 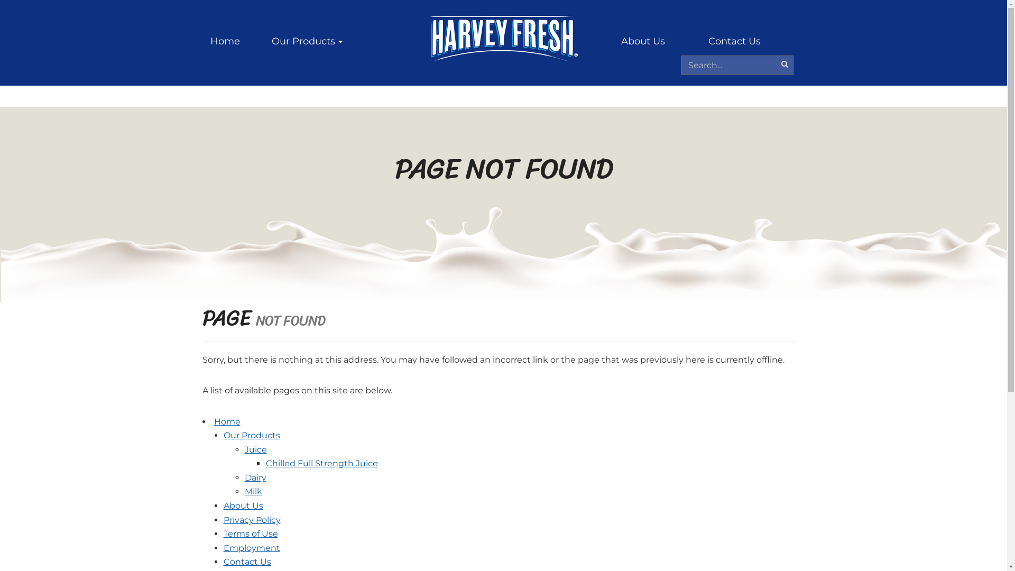 What do you see at coordinates (225, 41) in the screenshot?
I see `'Home'` at bounding box center [225, 41].